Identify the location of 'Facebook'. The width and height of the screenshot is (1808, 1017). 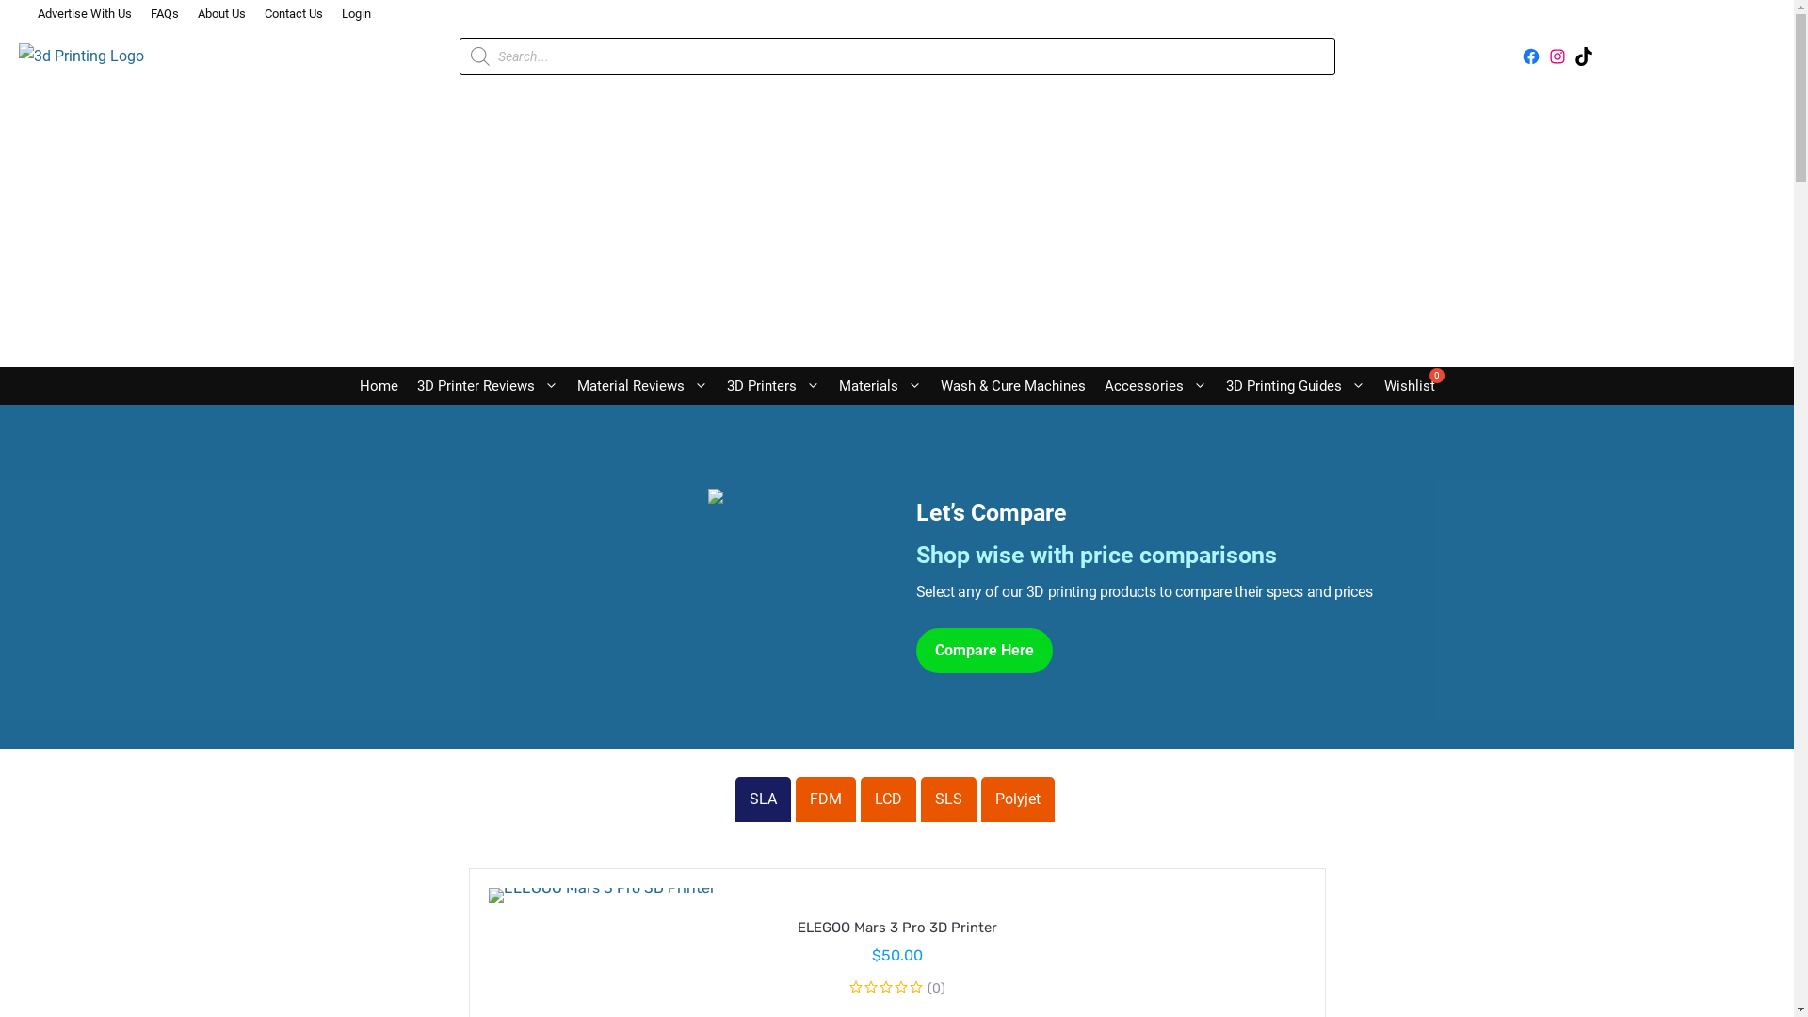
(1531, 56).